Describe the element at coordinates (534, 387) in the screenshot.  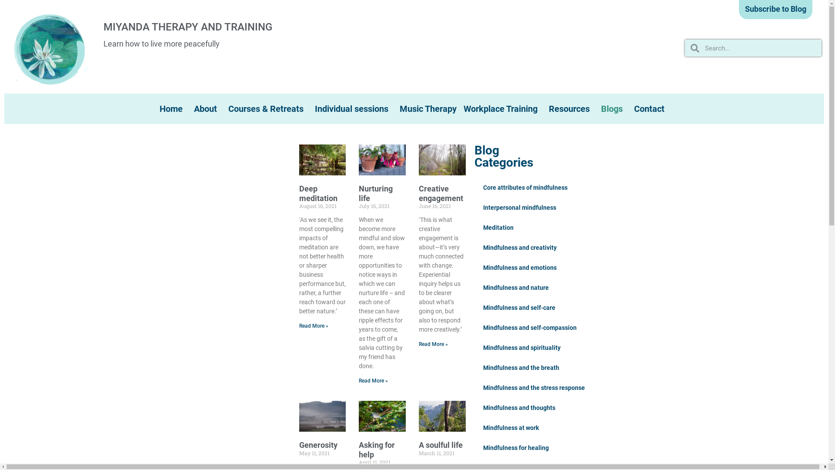
I see `'Mindfulness and the stress response'` at that location.